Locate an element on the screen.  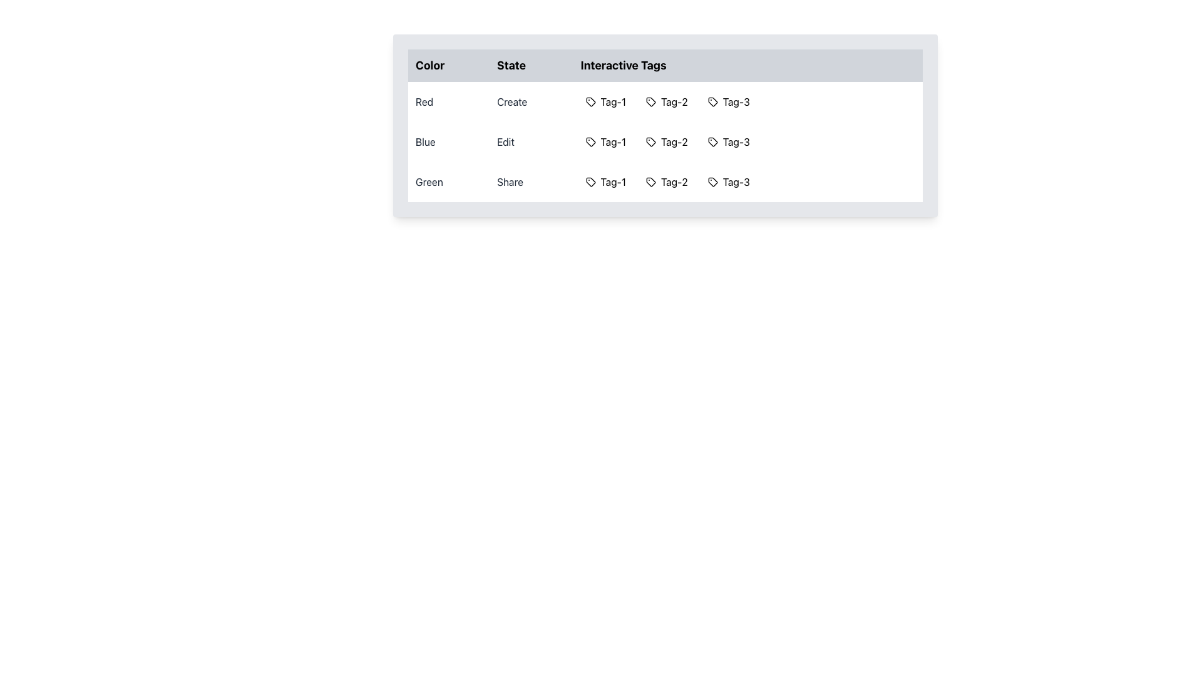
the third green tag icon in the 'Interactive Tags' column corresponding to the 'Share' state is located at coordinates (712, 182).